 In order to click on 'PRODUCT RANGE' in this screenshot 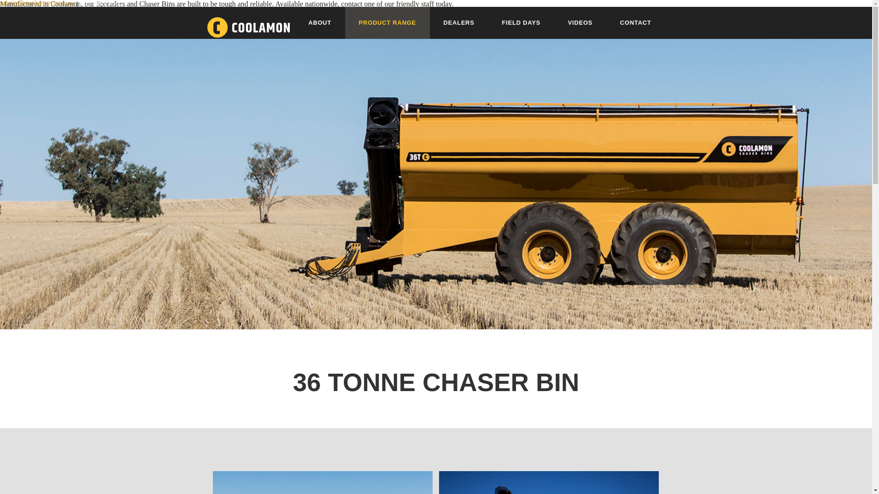, I will do `click(387, 22)`.